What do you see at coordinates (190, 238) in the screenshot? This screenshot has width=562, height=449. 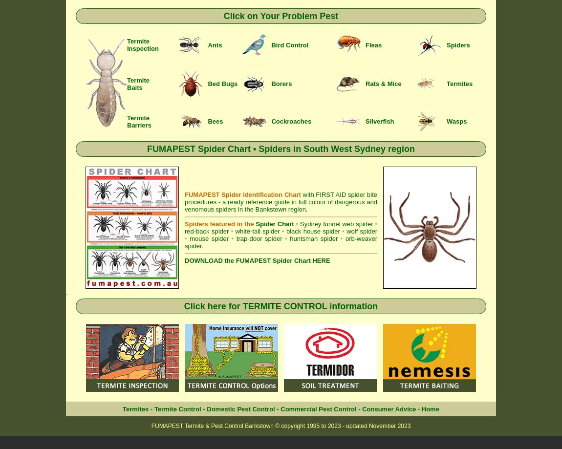 I see `'mouse spider'` at bounding box center [190, 238].